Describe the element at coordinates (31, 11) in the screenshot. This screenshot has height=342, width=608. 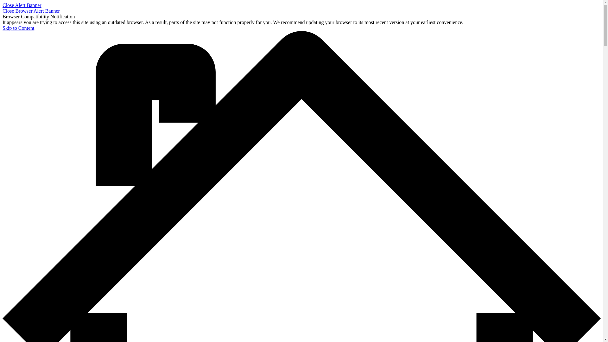
I see `'Close Browser Alert Banner'` at that location.